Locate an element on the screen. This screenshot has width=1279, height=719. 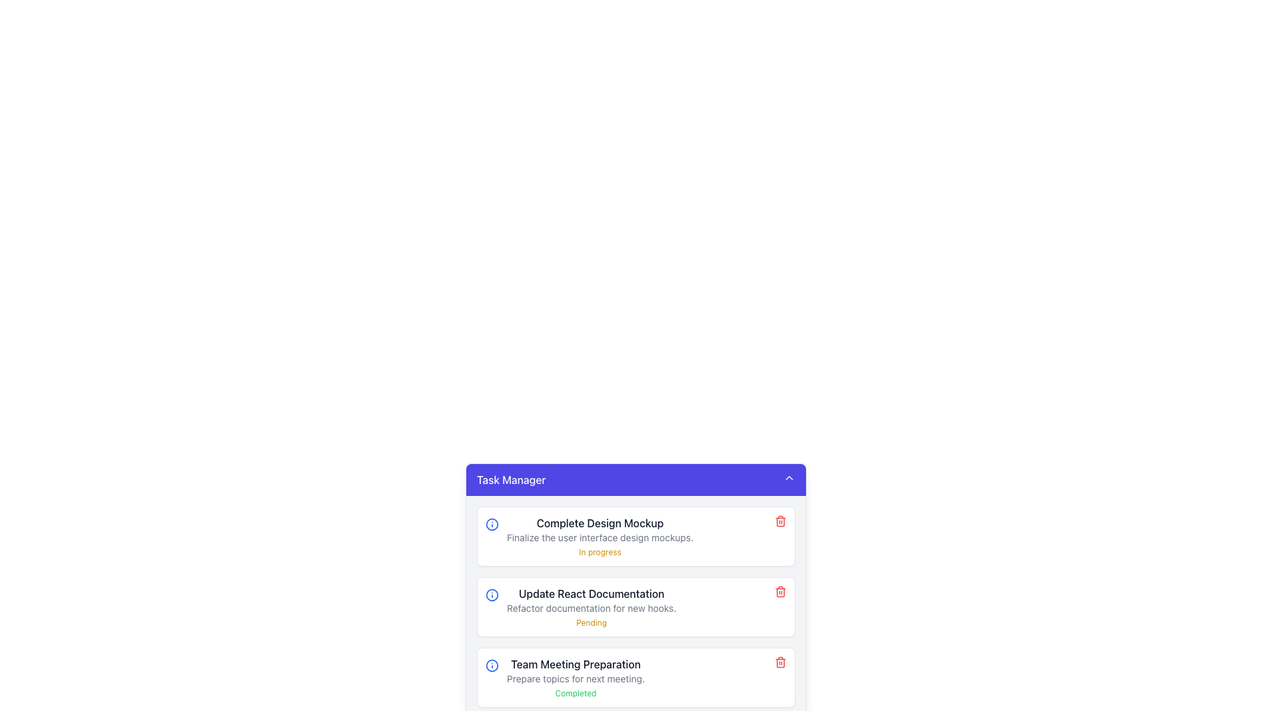
the first task entry in the Task Manager is located at coordinates (600, 536).